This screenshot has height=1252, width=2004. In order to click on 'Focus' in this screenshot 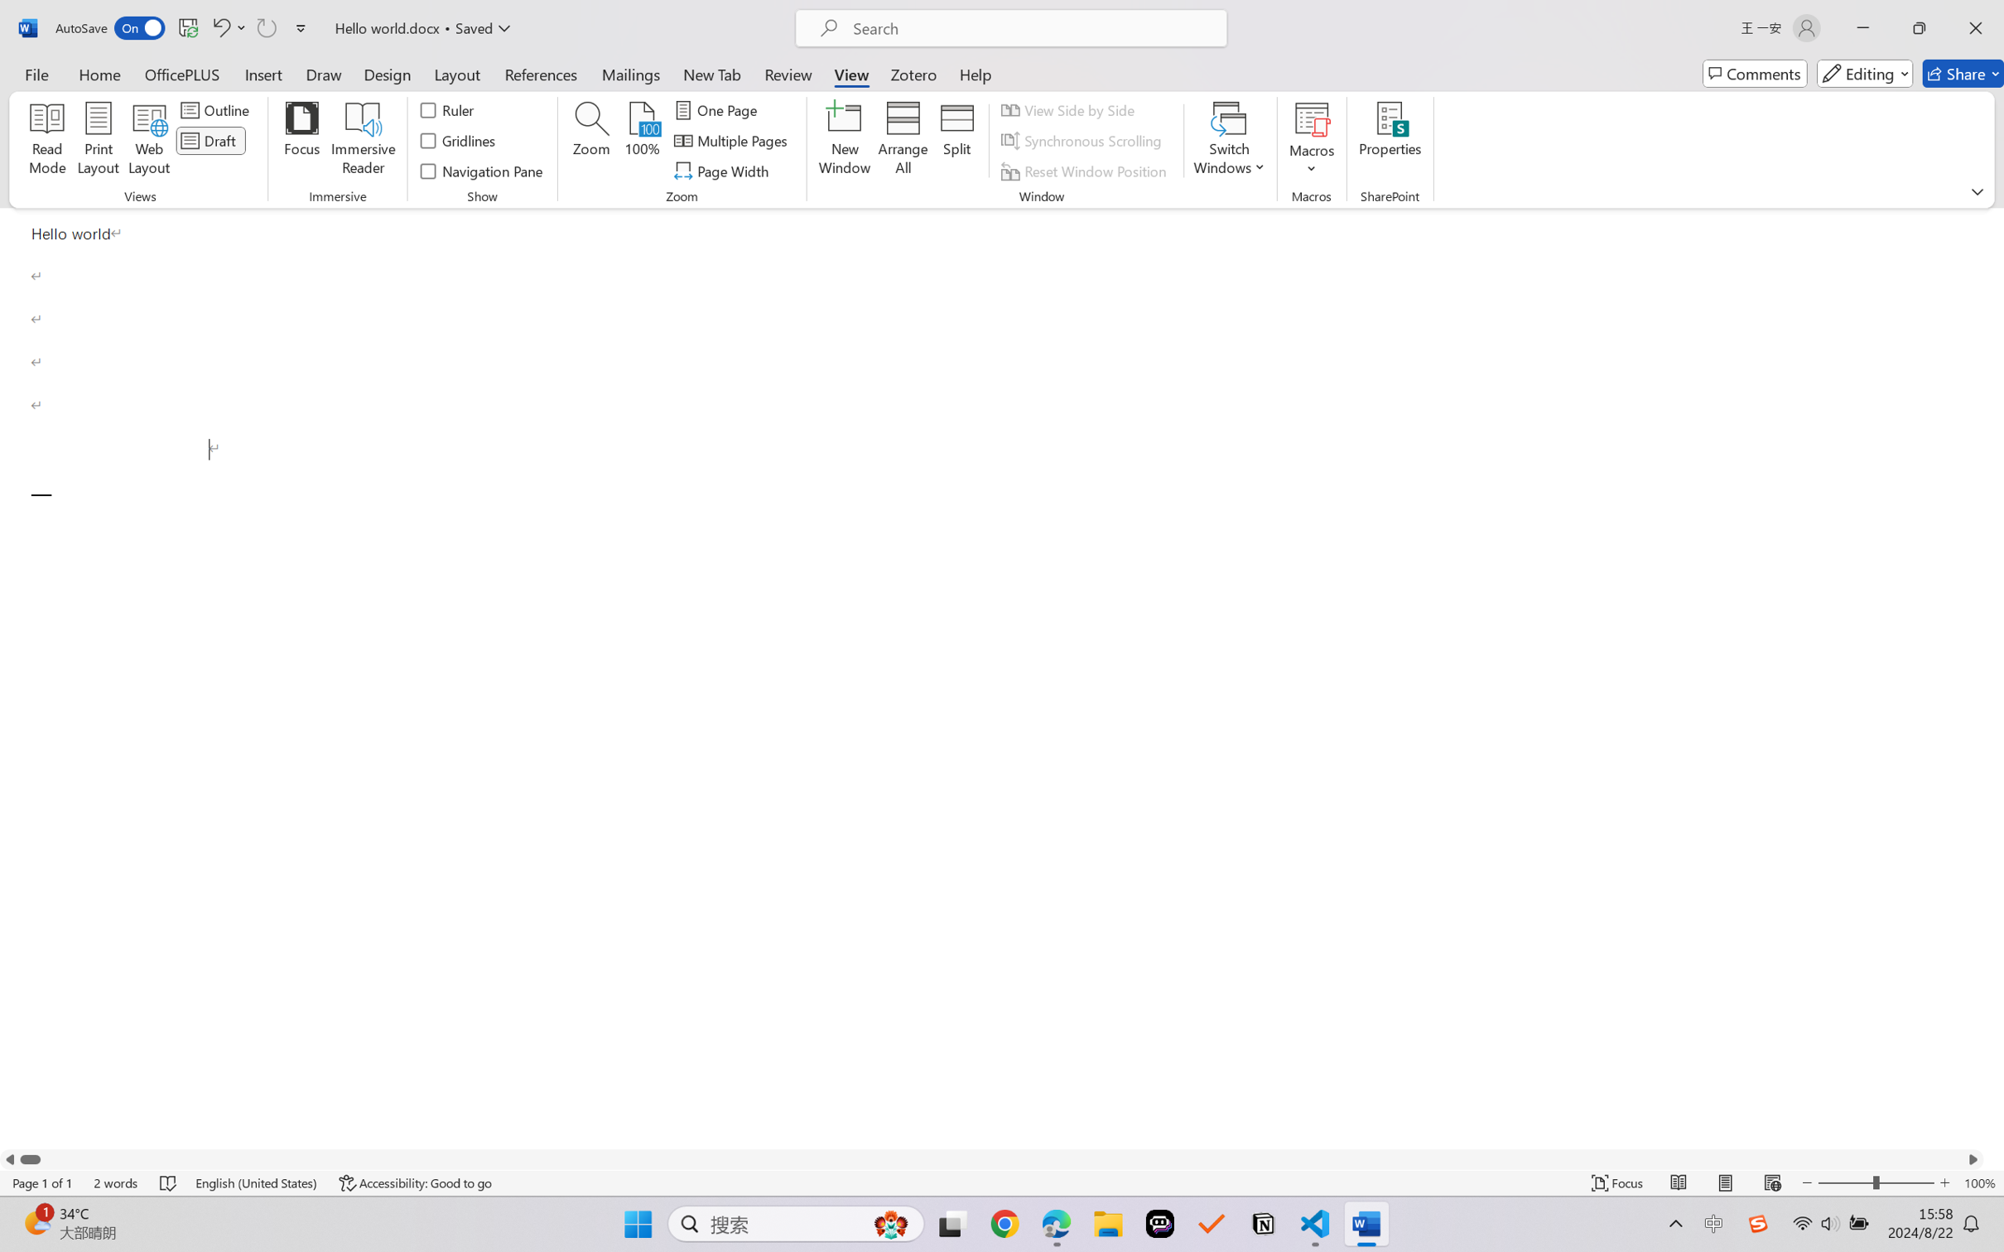, I will do `click(301, 141)`.